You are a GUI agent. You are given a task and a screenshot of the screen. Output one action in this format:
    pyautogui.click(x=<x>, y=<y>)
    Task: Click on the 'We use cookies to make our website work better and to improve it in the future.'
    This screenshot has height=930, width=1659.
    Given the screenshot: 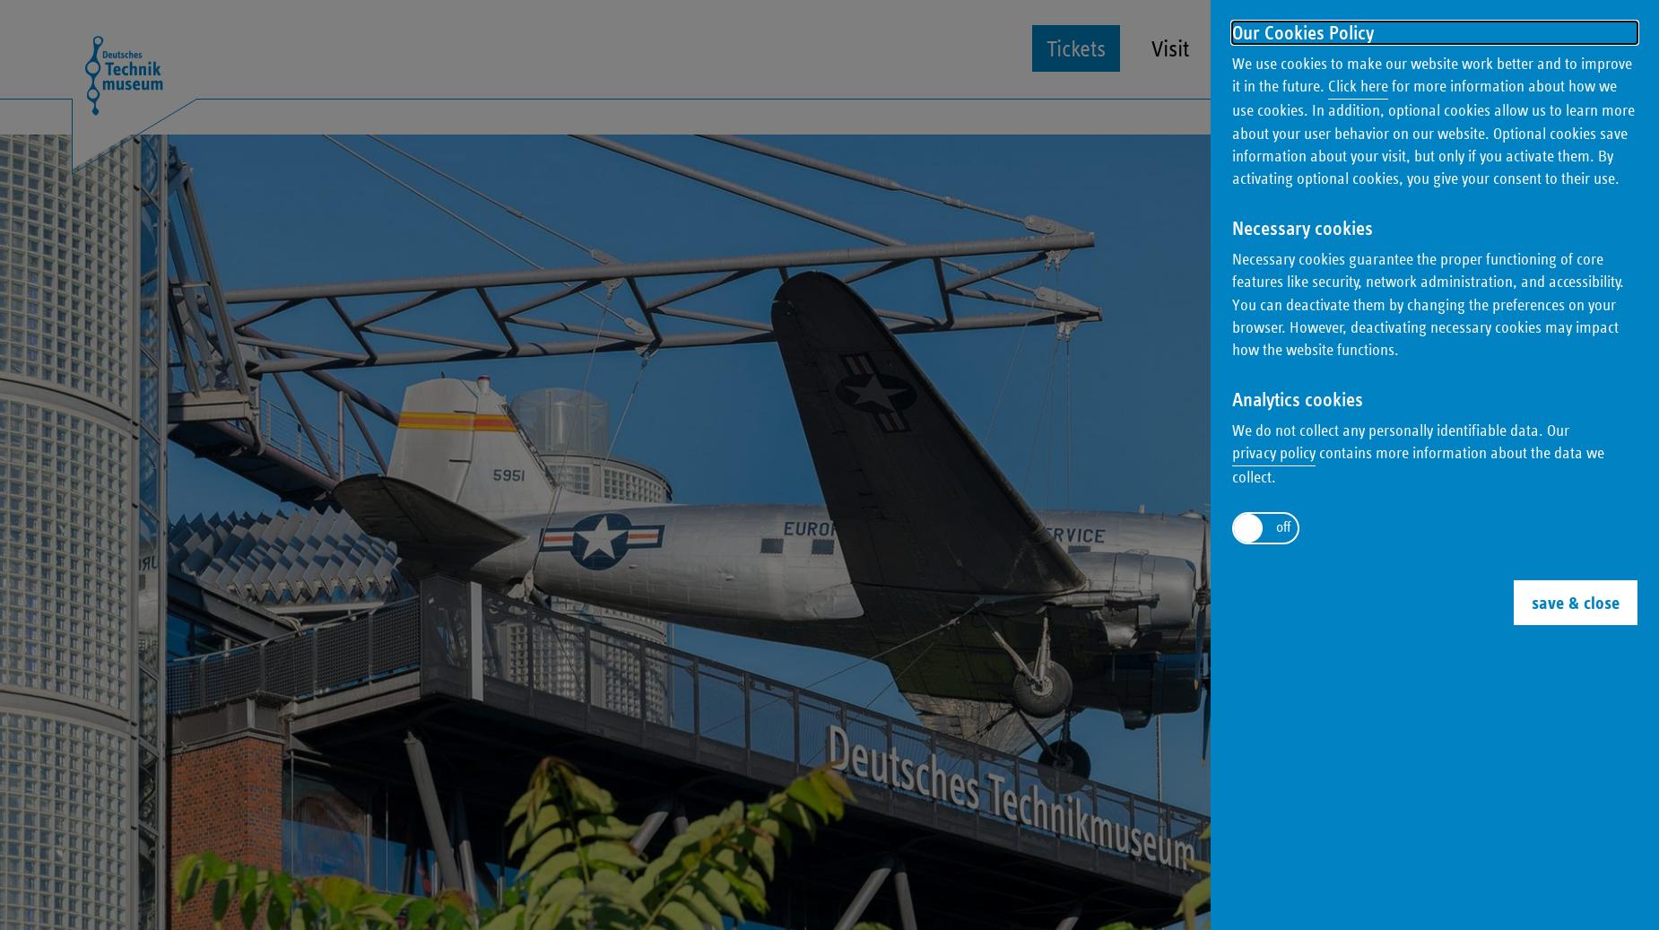 What is the action you would take?
    pyautogui.click(x=1431, y=74)
    